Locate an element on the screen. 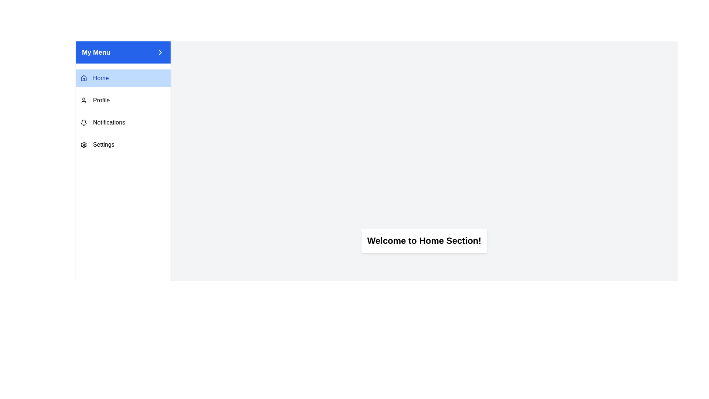 The image size is (709, 399). the settings icon located in the left-hand side menu, which is the fourth item from the top is located at coordinates (83, 145).